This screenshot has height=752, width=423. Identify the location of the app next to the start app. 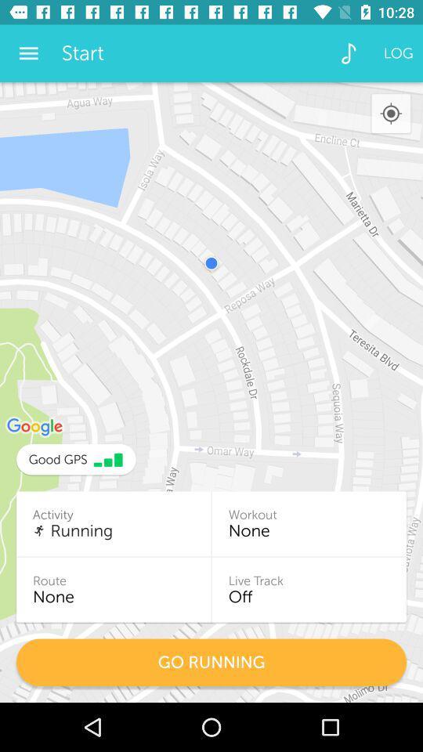
(28, 53).